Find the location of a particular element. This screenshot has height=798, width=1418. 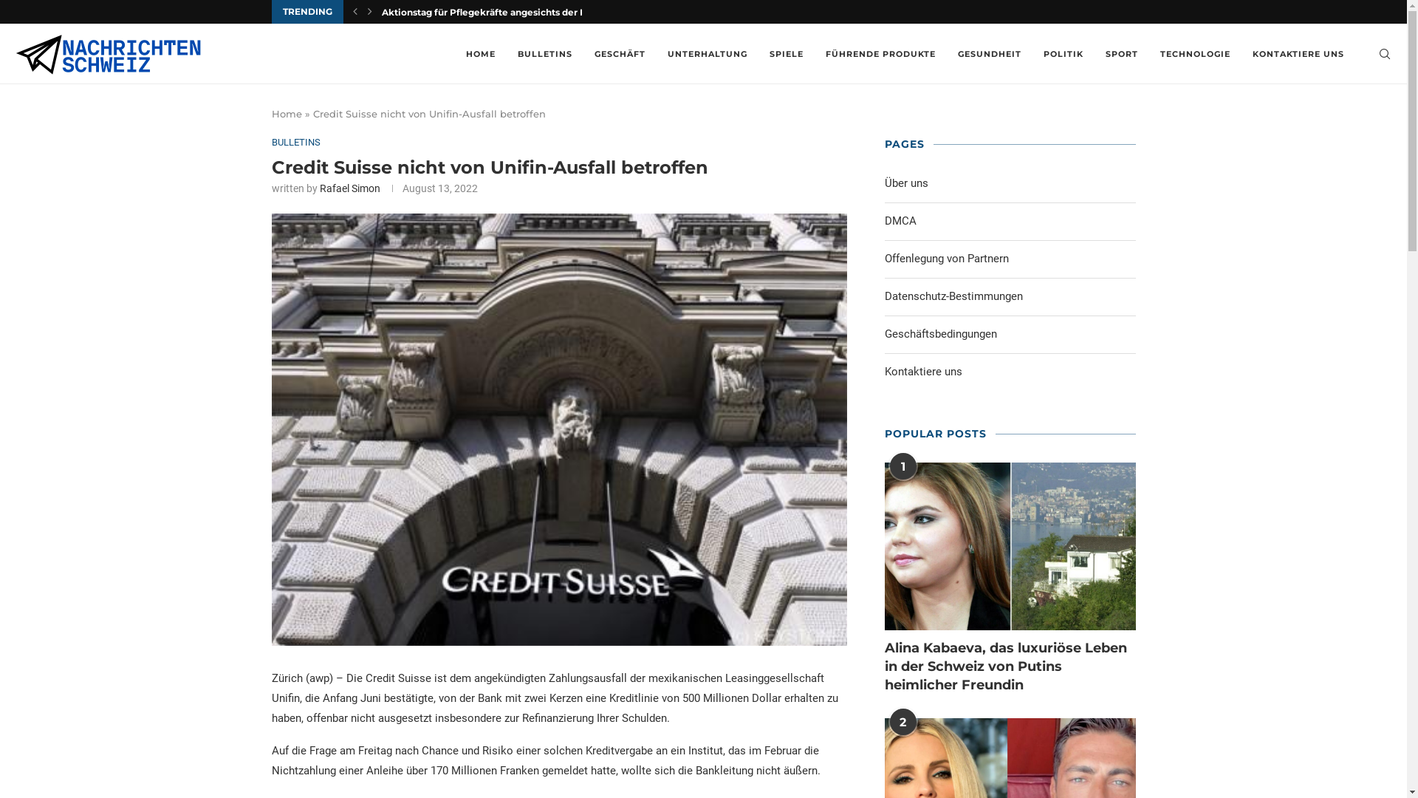

'GESUNDHEIT' is located at coordinates (957, 53).